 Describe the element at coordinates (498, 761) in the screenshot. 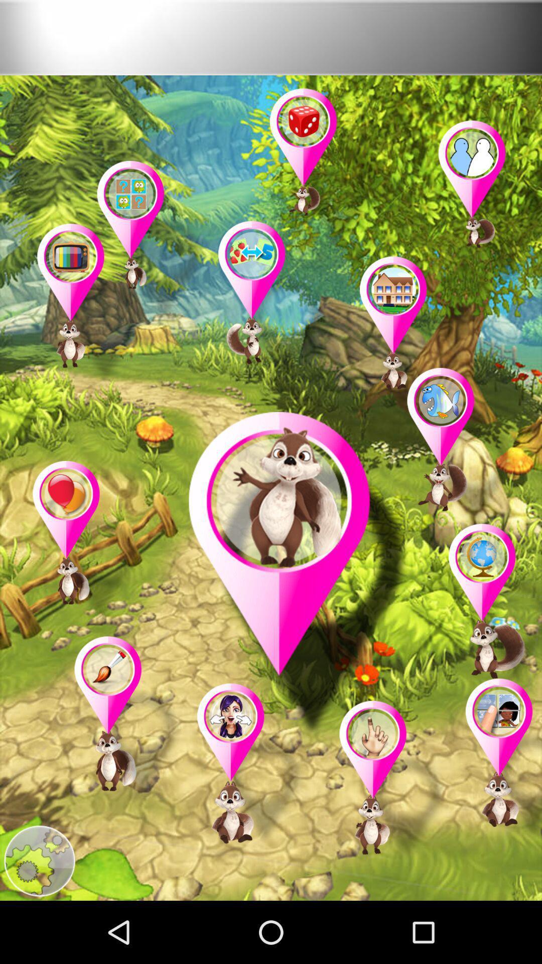

I see `picture option` at that location.